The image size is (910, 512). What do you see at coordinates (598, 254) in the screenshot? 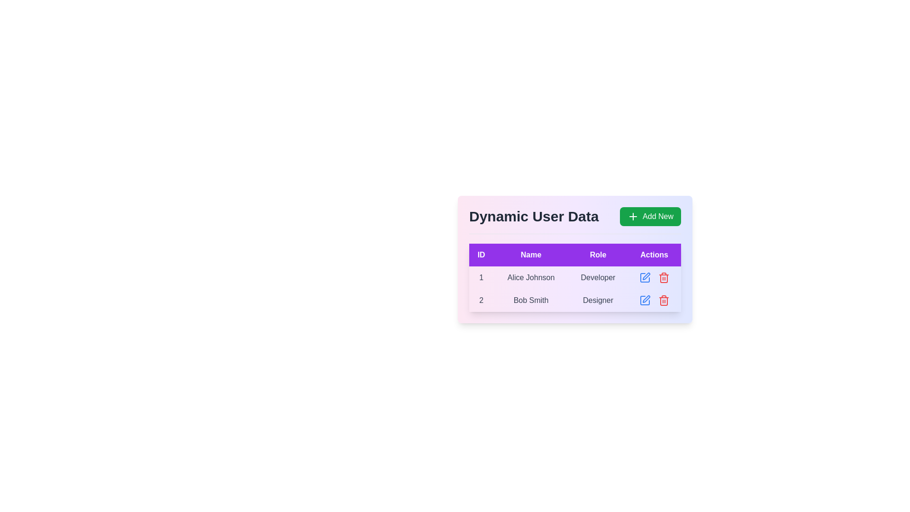
I see `the Table Header with the bold white text 'Role' that is a purple rectangular block, positioned as the third column header in the user data table` at bounding box center [598, 254].